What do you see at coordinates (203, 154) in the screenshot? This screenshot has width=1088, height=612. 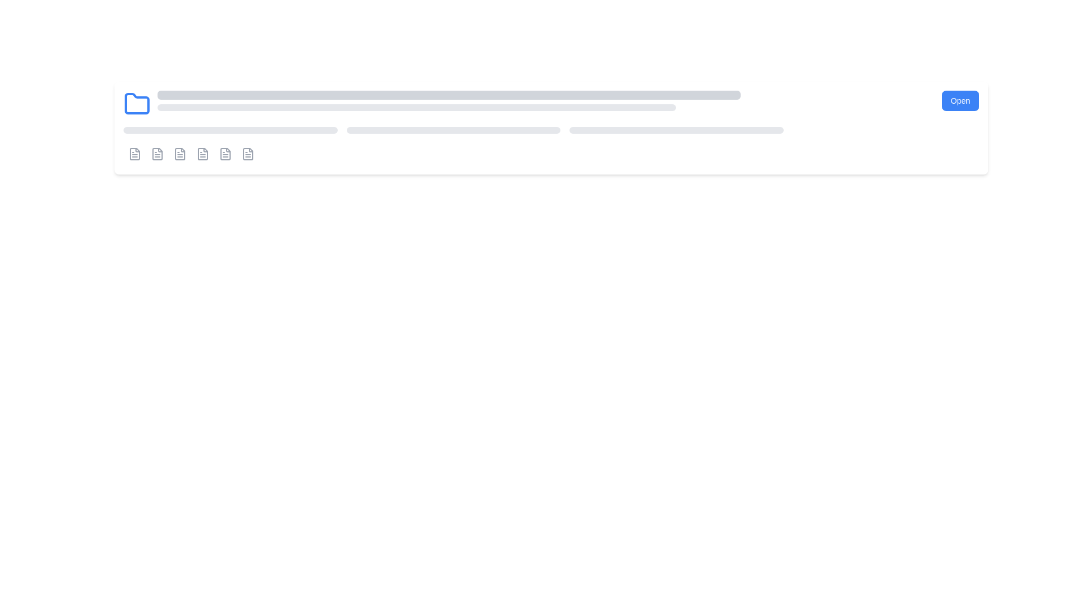 I see `the fifth file icon` at bounding box center [203, 154].